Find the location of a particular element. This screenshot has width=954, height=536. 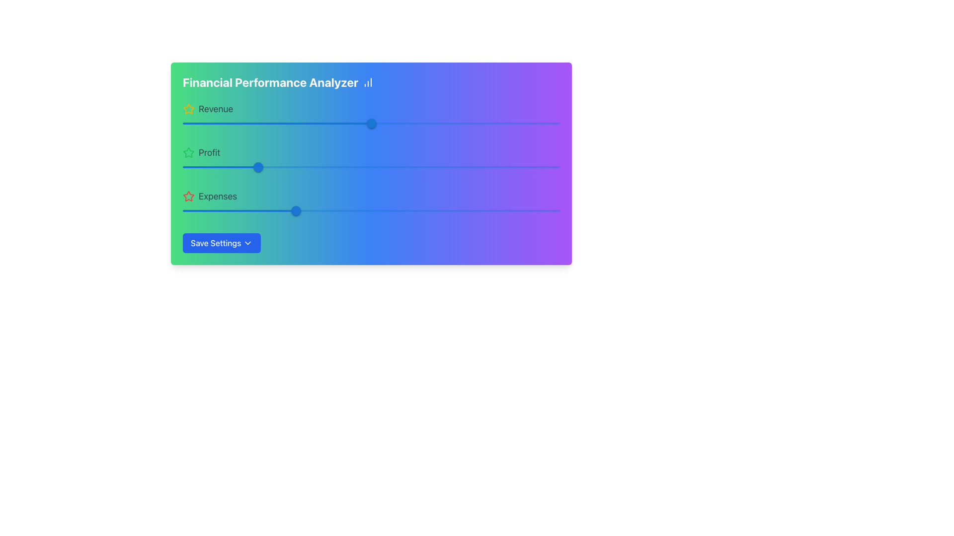

the yellow star icon representing importance or rating located to the left of the text 'Revenue' in the Financial Performance Analyzer metrics list is located at coordinates (188, 109).